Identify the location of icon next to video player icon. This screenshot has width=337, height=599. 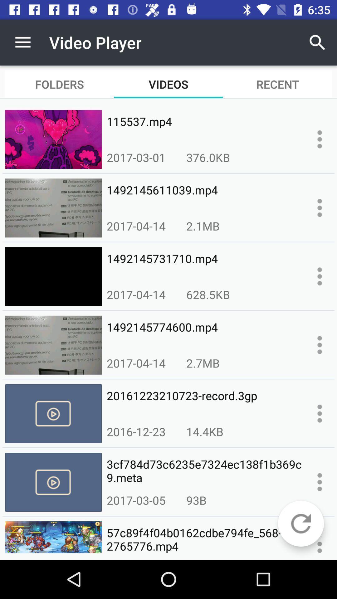
(22, 42).